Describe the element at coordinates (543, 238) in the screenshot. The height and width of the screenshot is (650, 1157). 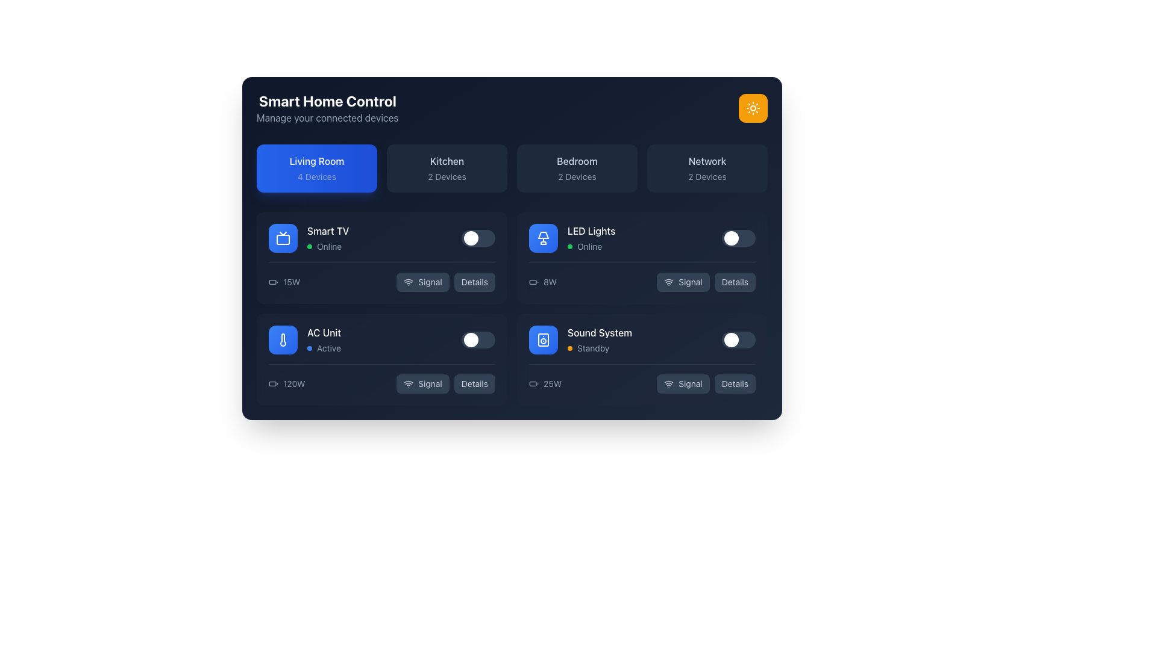
I see `the graphic button representing 'LED Lights' located in the upper-right portion of the 'Living Room' section` at that location.